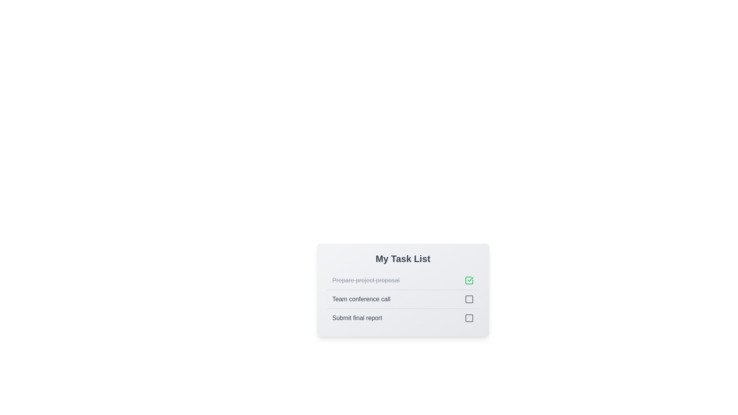 The image size is (738, 415). I want to click on the title 'My Task List' to focus on it, so click(402, 259).